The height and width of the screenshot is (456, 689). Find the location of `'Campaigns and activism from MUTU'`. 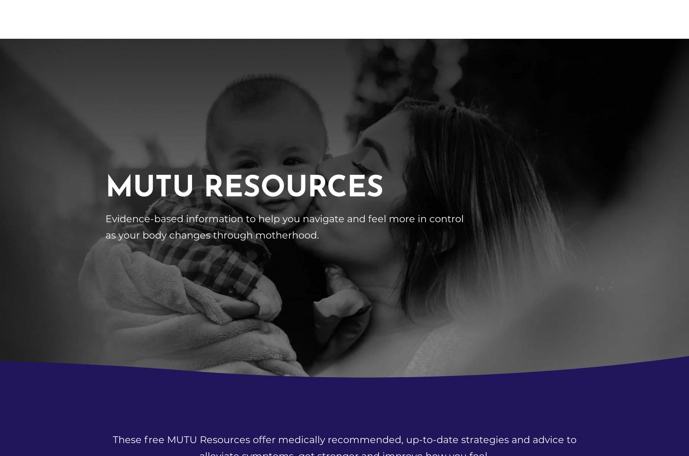

'Campaigns and activism from MUTU' is located at coordinates (122, 128).